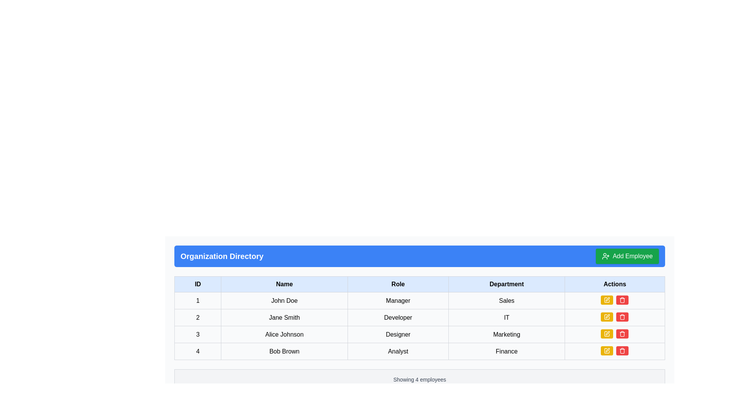 The width and height of the screenshot is (739, 415). What do you see at coordinates (284, 334) in the screenshot?
I see `the label displaying the name of an individual in the third row of the tabular structure, located between the '3' identifier column and the 'Designer' column` at bounding box center [284, 334].